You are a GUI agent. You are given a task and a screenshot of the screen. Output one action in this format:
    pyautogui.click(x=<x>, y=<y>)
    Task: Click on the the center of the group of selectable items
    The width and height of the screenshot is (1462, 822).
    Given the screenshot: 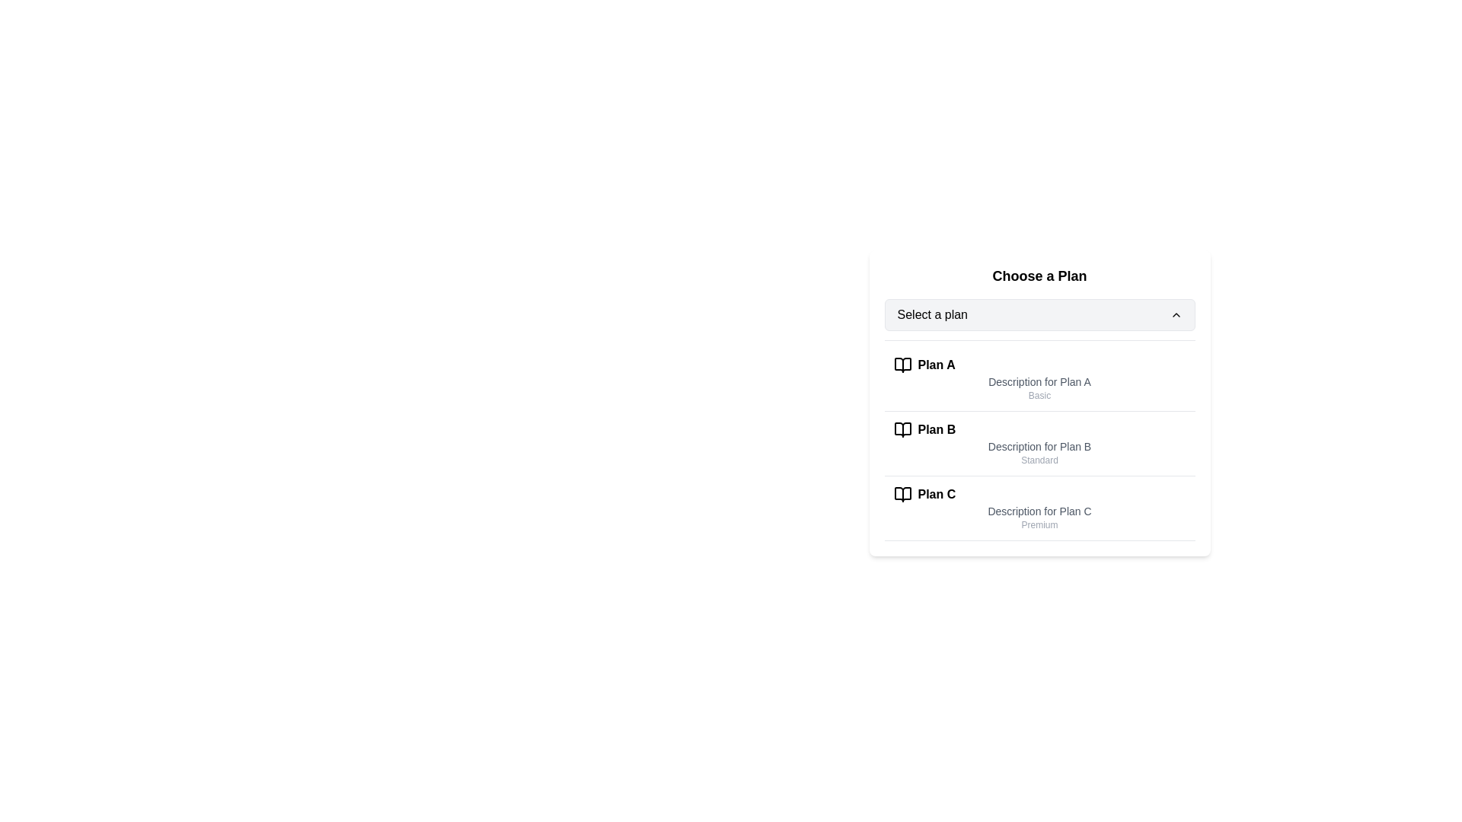 What is the action you would take?
    pyautogui.click(x=1039, y=440)
    